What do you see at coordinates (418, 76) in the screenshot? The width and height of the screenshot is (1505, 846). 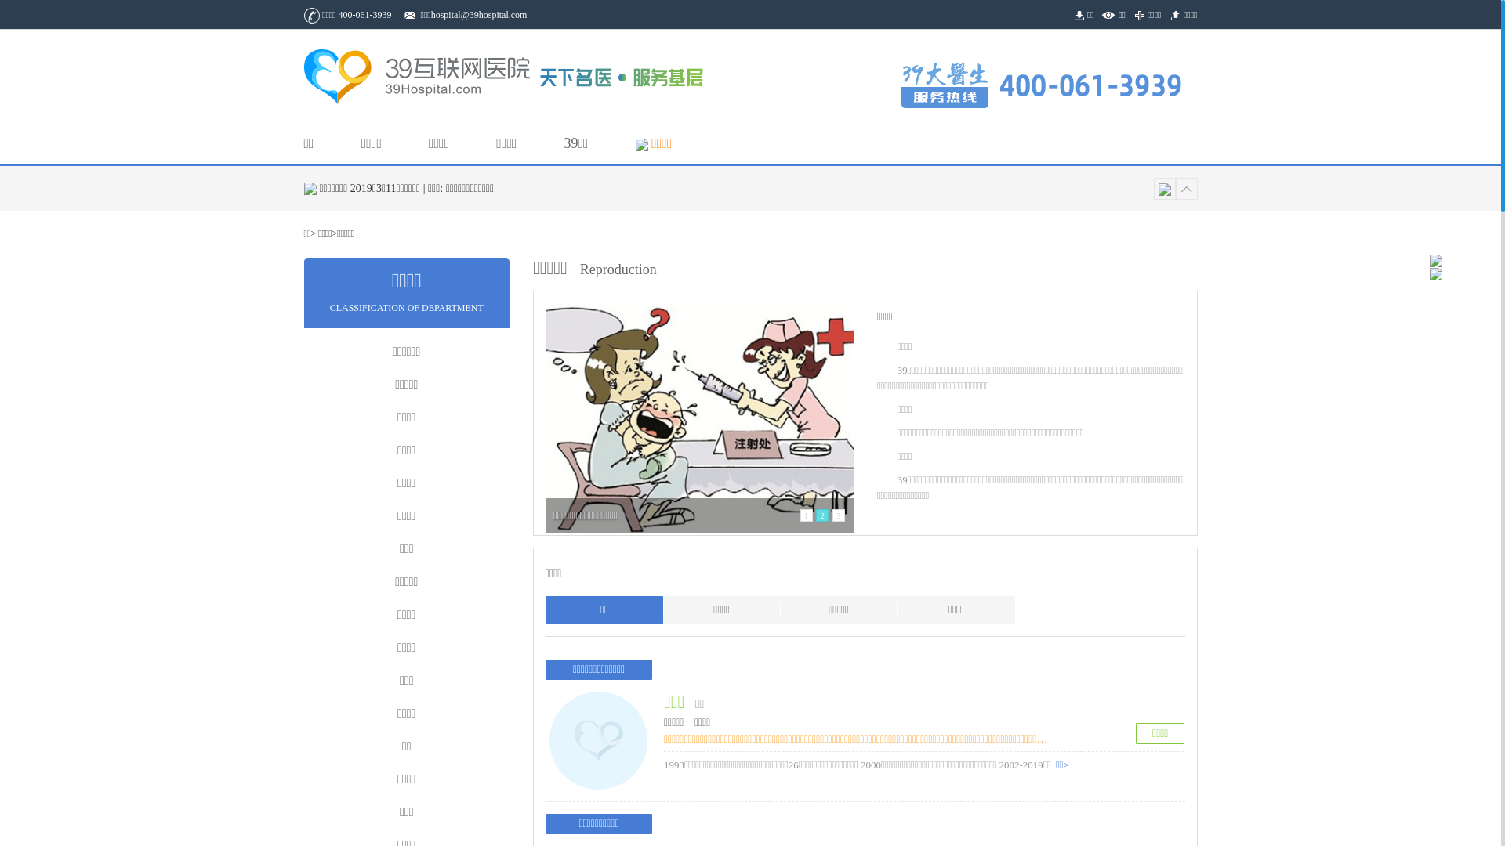 I see `'39 hospital.com'` at bounding box center [418, 76].